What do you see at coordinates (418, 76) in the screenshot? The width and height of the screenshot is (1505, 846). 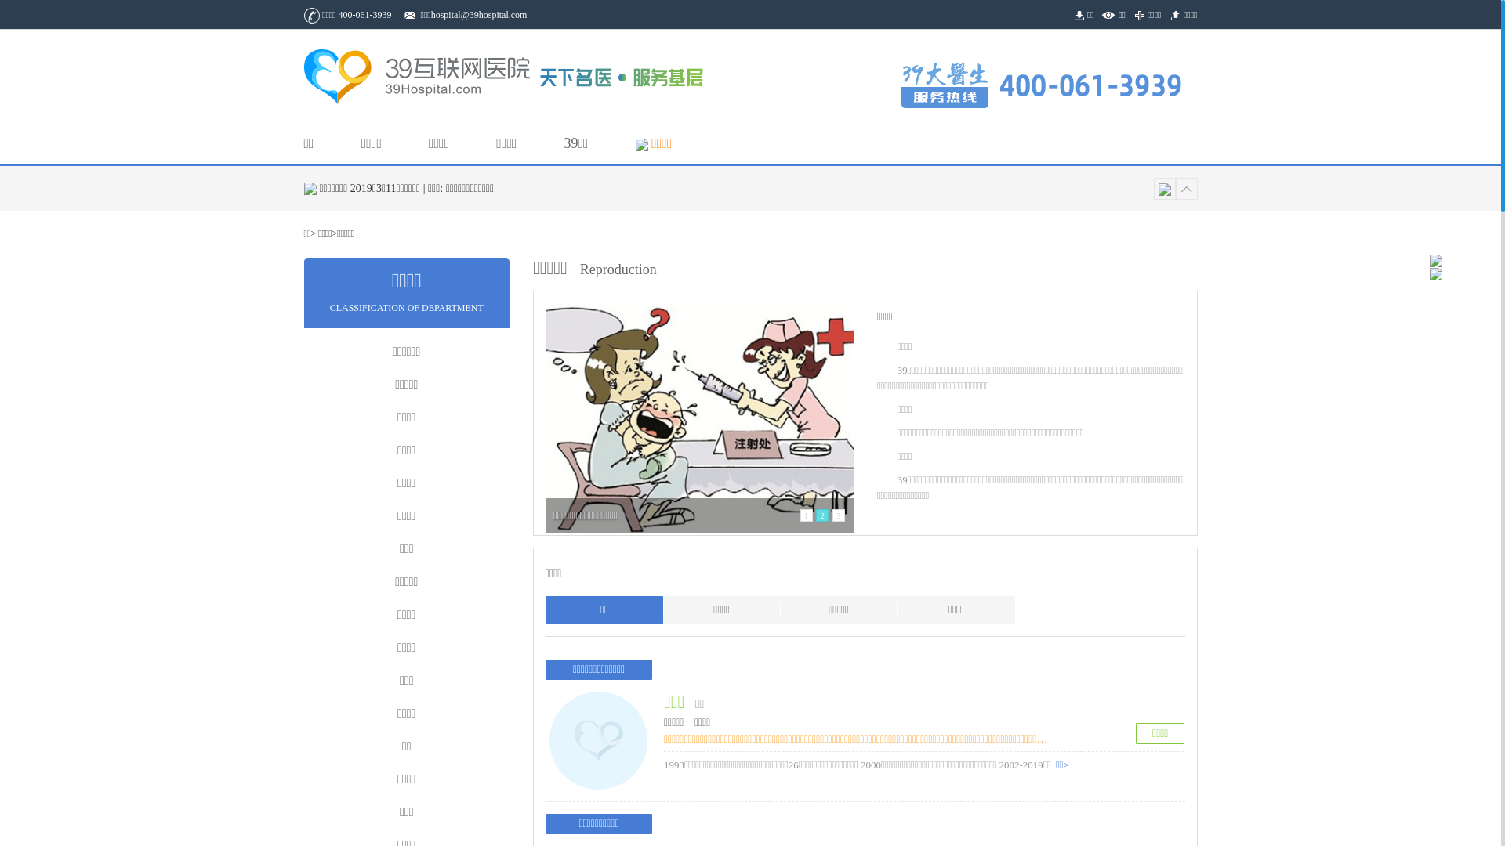 I see `'39 hospital.com'` at bounding box center [418, 76].